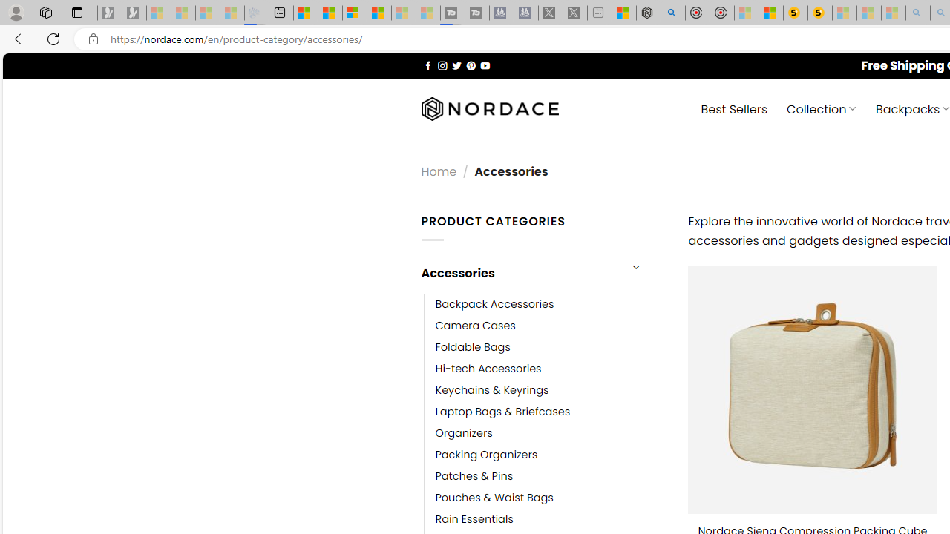 This screenshot has width=950, height=534. I want to click on 'Laptop Bags & Briefcases', so click(502, 412).